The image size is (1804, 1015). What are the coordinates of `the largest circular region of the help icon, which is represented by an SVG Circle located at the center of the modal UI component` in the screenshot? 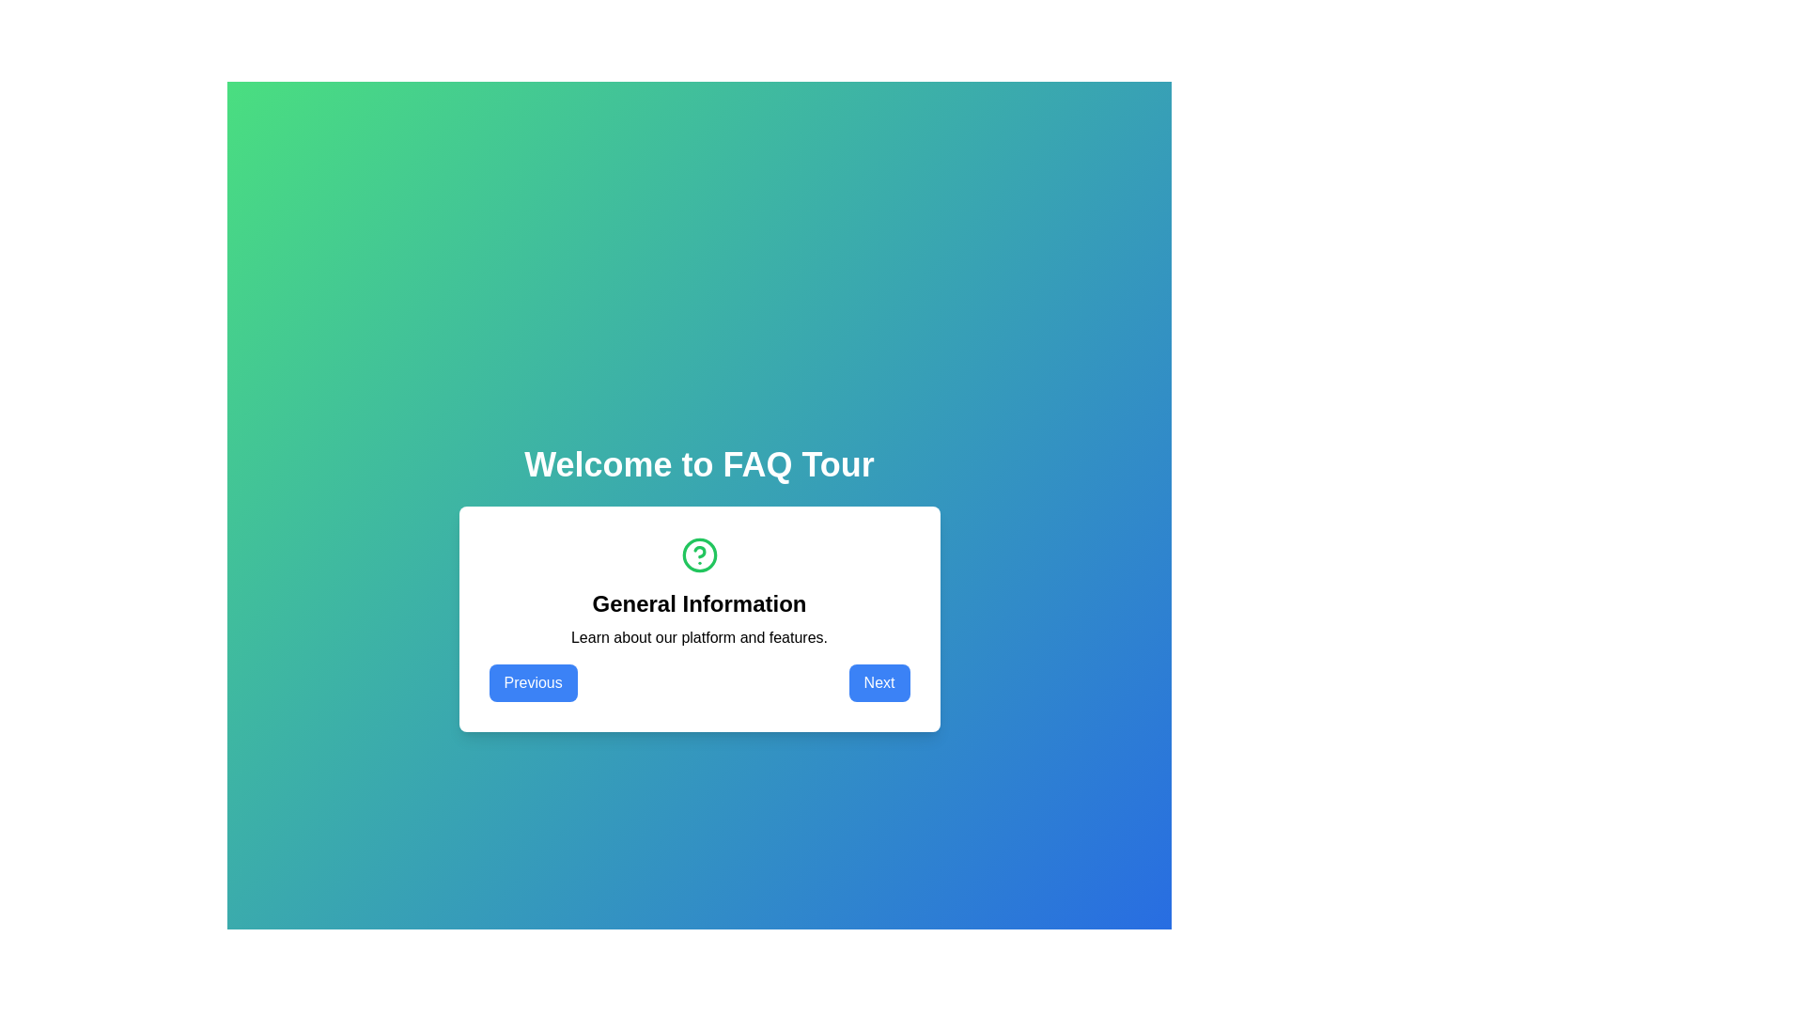 It's located at (698, 554).